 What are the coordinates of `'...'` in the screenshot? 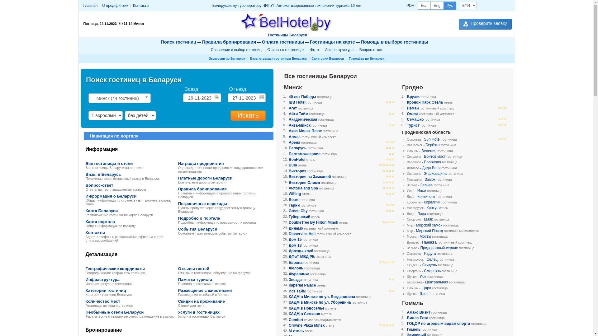 It's located at (261, 97).